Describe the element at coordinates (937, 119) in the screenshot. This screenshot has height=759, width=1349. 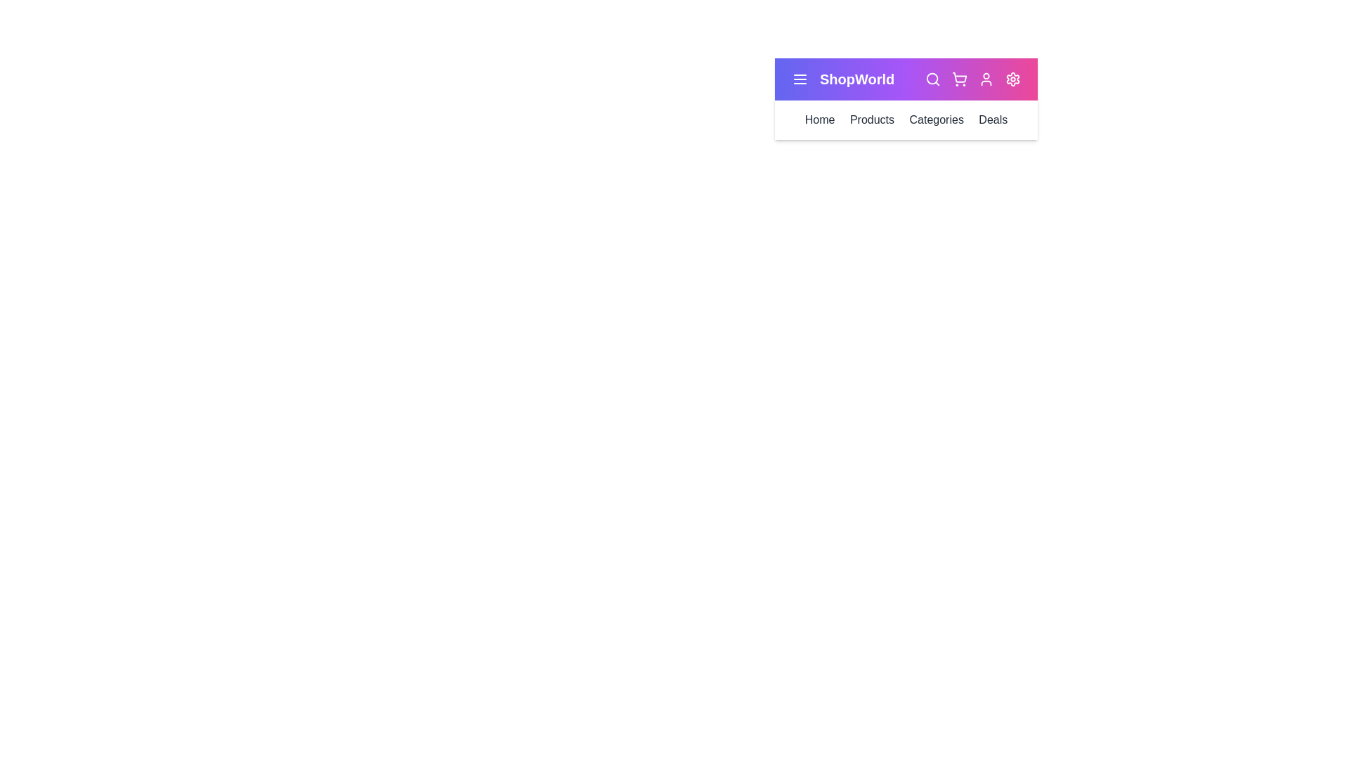
I see `the navigation menu item Categories to navigate to the respective section` at that location.